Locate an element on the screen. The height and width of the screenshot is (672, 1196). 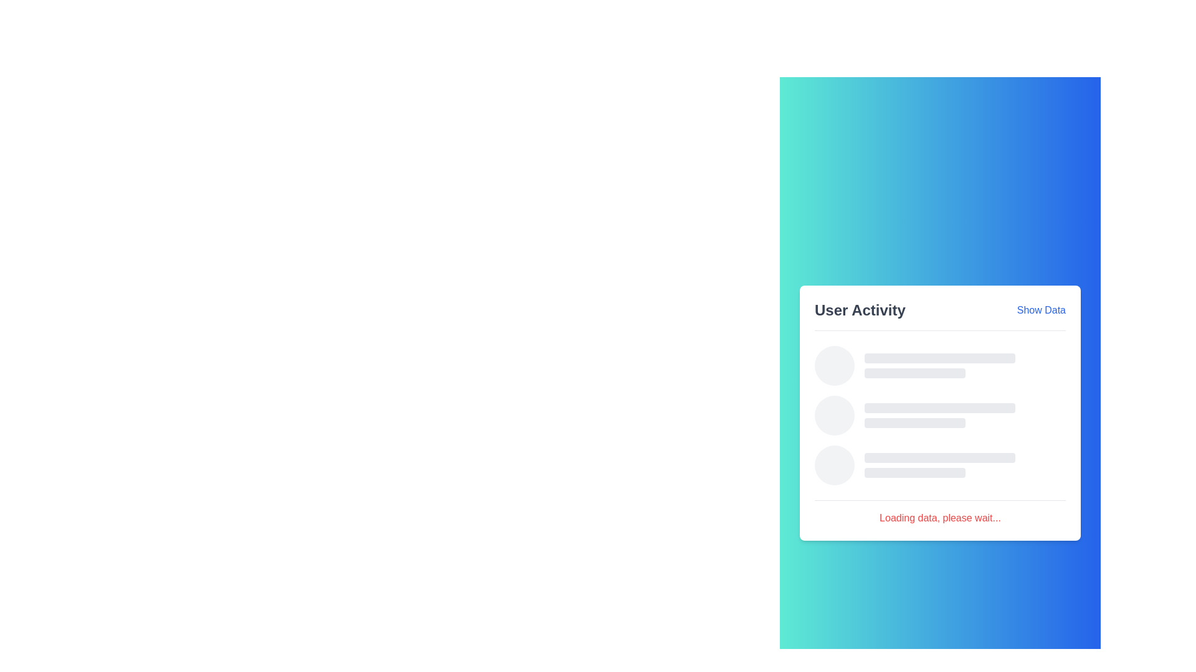
the second horizontal bar with rounded edges, which is medium gray and located below another similar bar in the 'User Activity' card-like UI component is located at coordinates (914, 472).